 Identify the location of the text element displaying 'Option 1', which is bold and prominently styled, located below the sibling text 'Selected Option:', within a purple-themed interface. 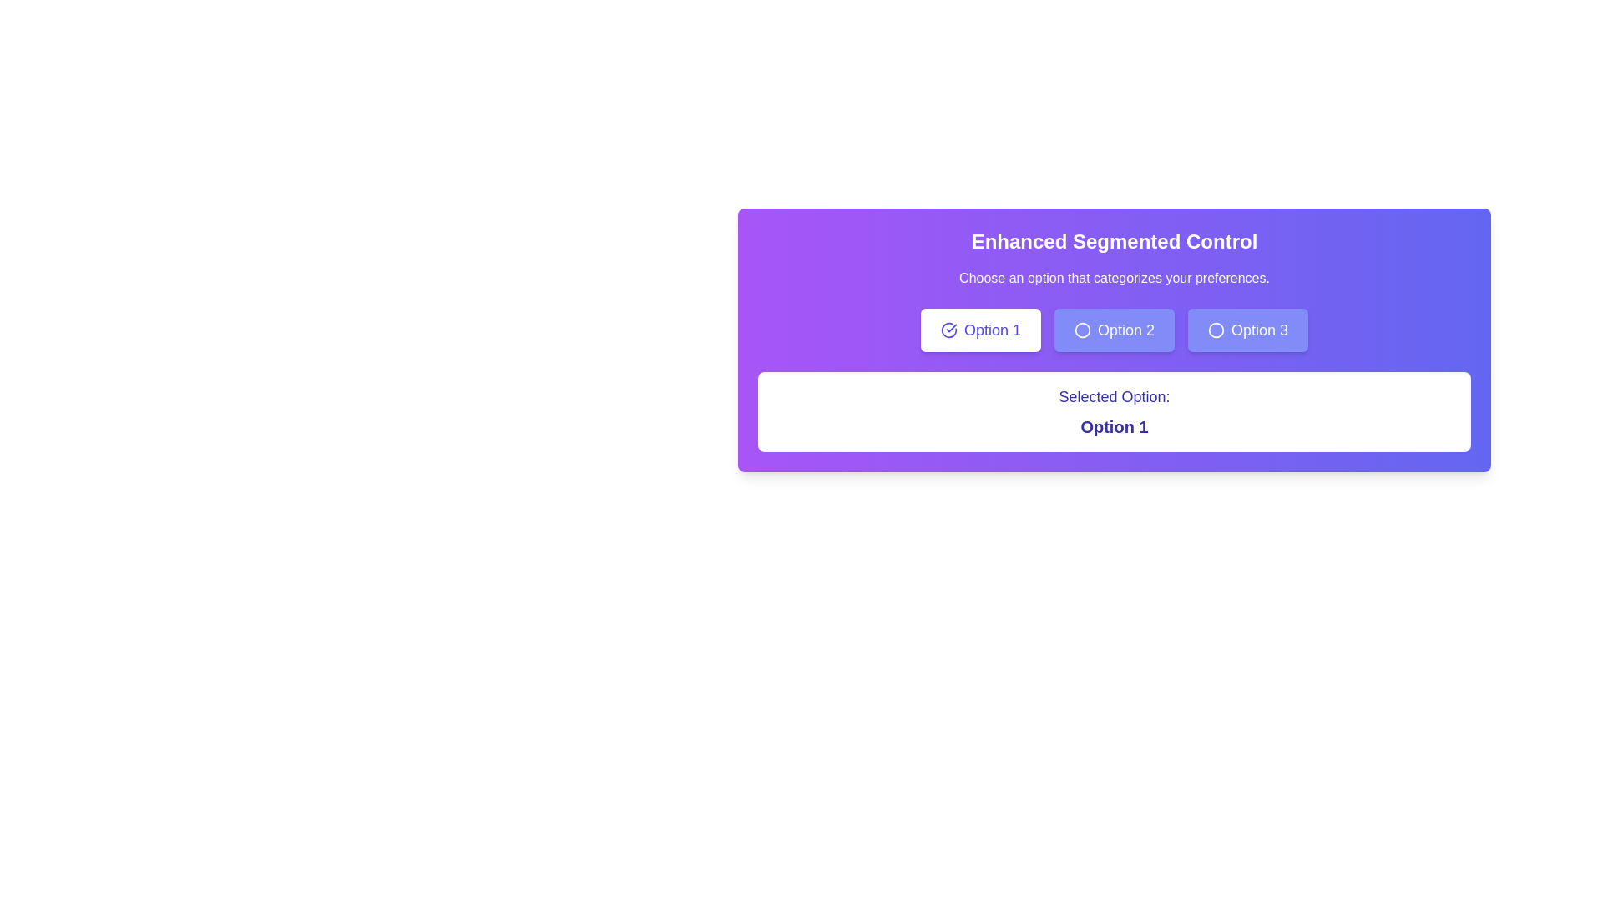
(1114, 426).